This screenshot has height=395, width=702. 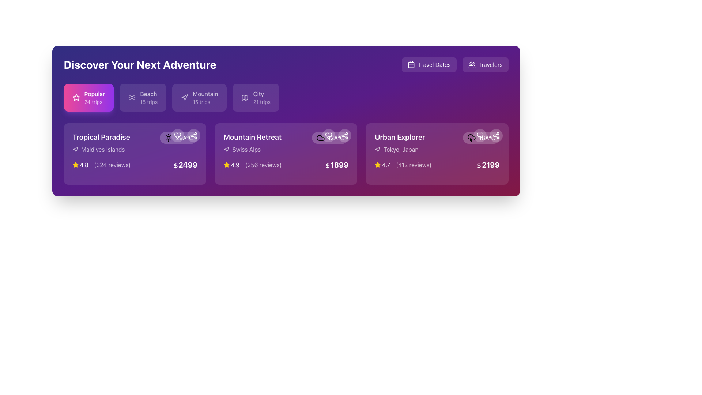 I want to click on the static icon located to the left of the 'Swiss Alps' text within the 'Mountain Retreat' card, so click(x=226, y=149).